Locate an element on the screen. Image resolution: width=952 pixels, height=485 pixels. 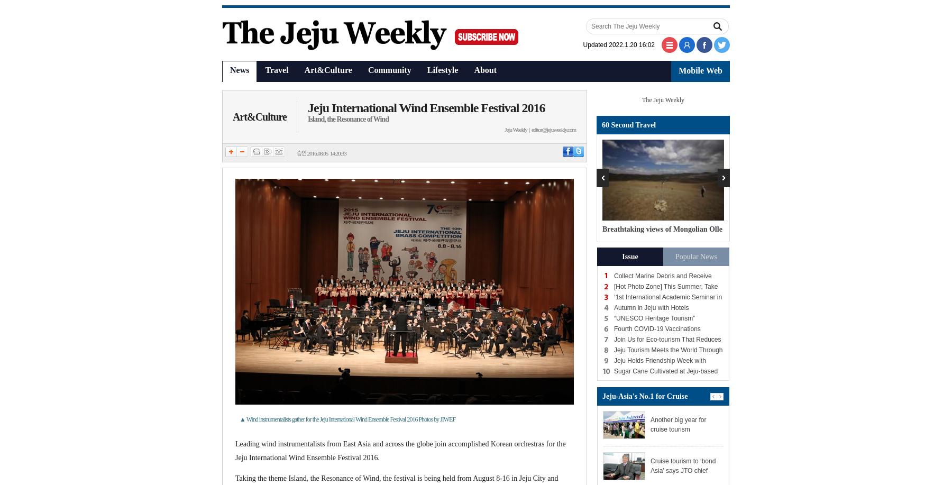
'editor@jejuweekly.com' is located at coordinates (553, 129).